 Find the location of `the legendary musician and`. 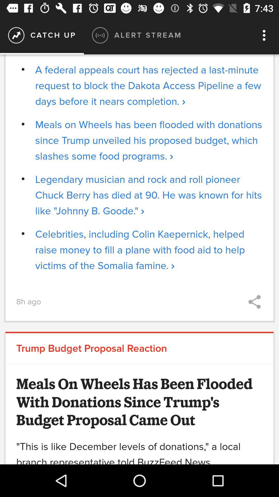

the legendary musician and is located at coordinates (149, 195).